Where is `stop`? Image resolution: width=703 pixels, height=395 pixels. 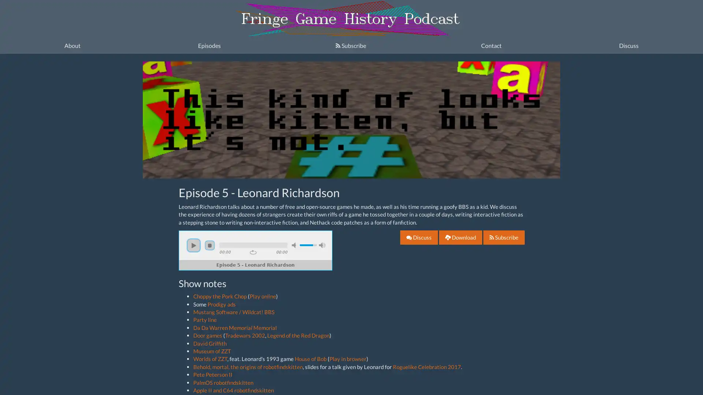
stop is located at coordinates (209, 245).